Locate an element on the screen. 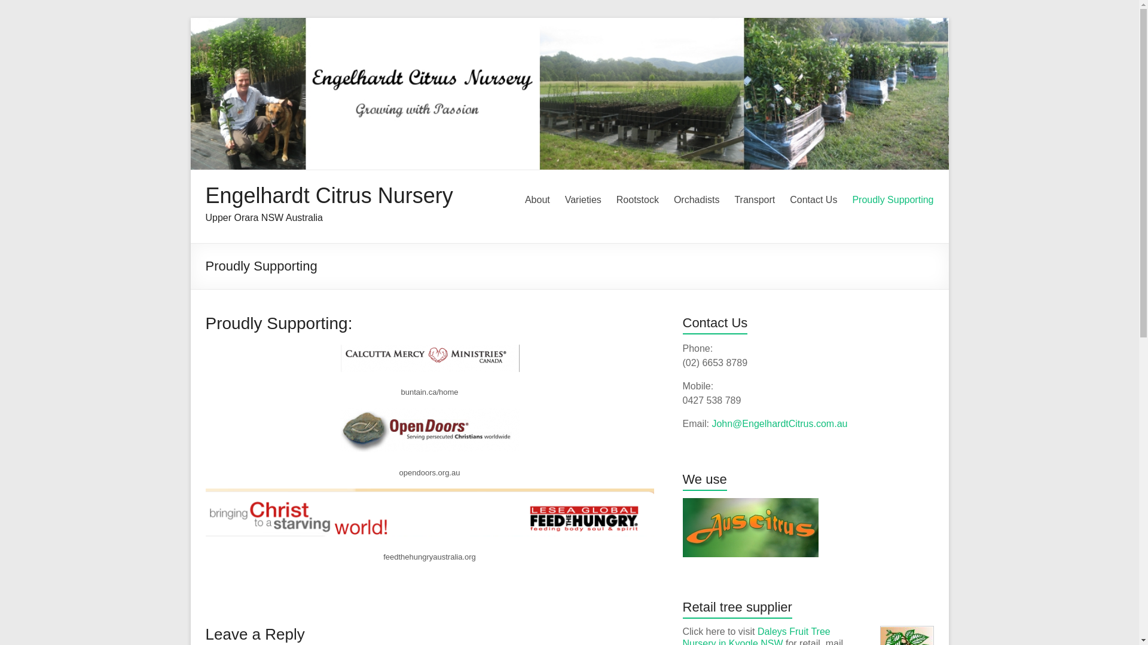 This screenshot has width=1148, height=645. 'Engelhardt Citrus Nursery' is located at coordinates (329, 195).